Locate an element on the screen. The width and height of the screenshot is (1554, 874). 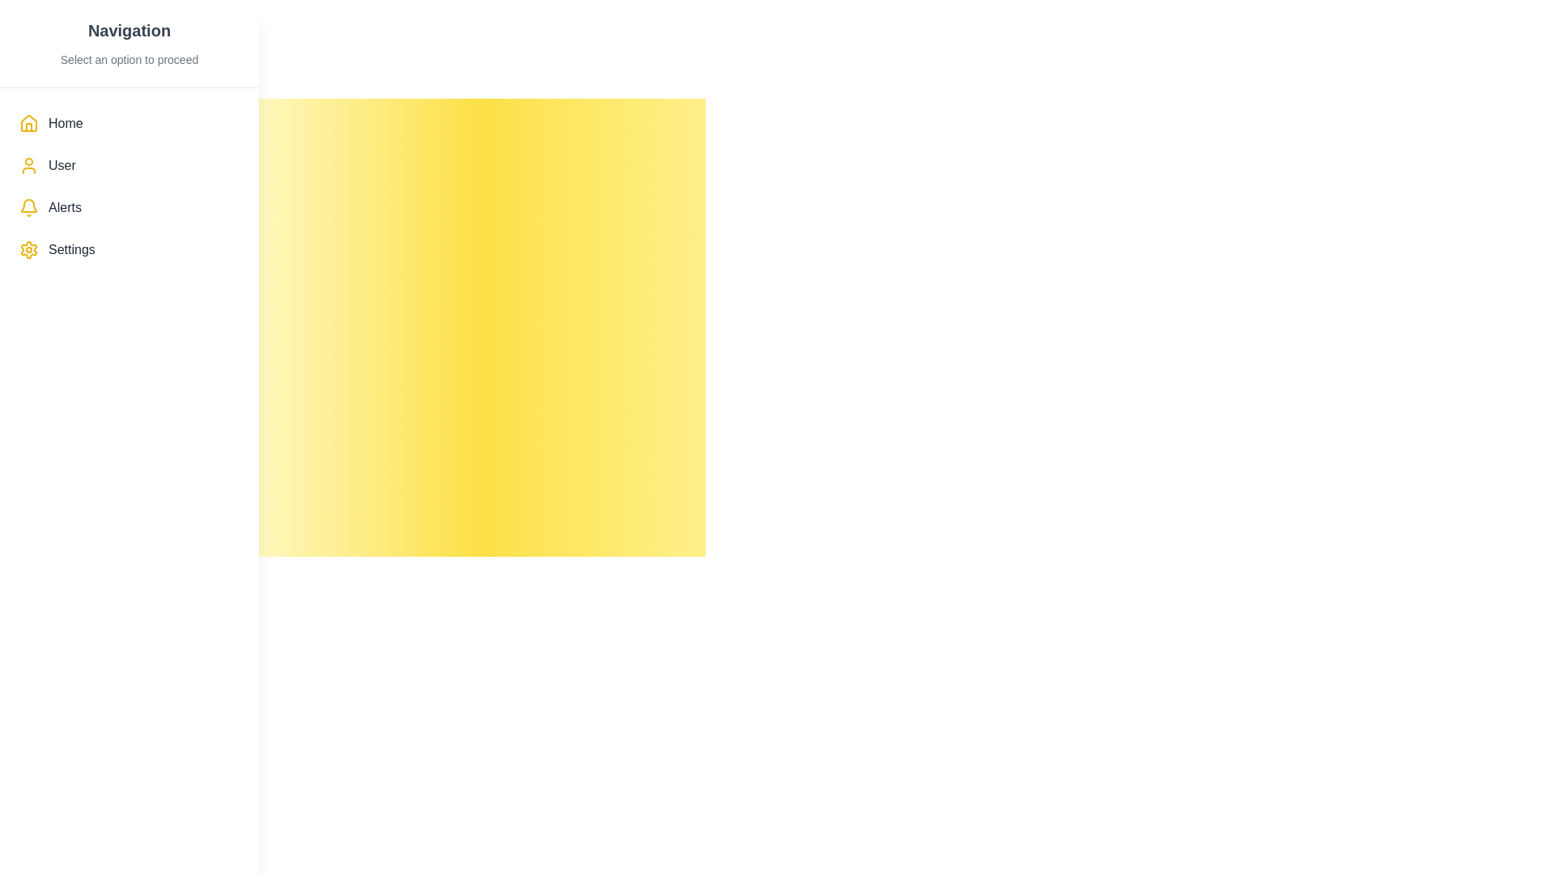
the 'Alerts' text label in the sidebar menu, which is styled with a medium font weight in dark gray and positioned next to a bell icon is located at coordinates (65, 207).